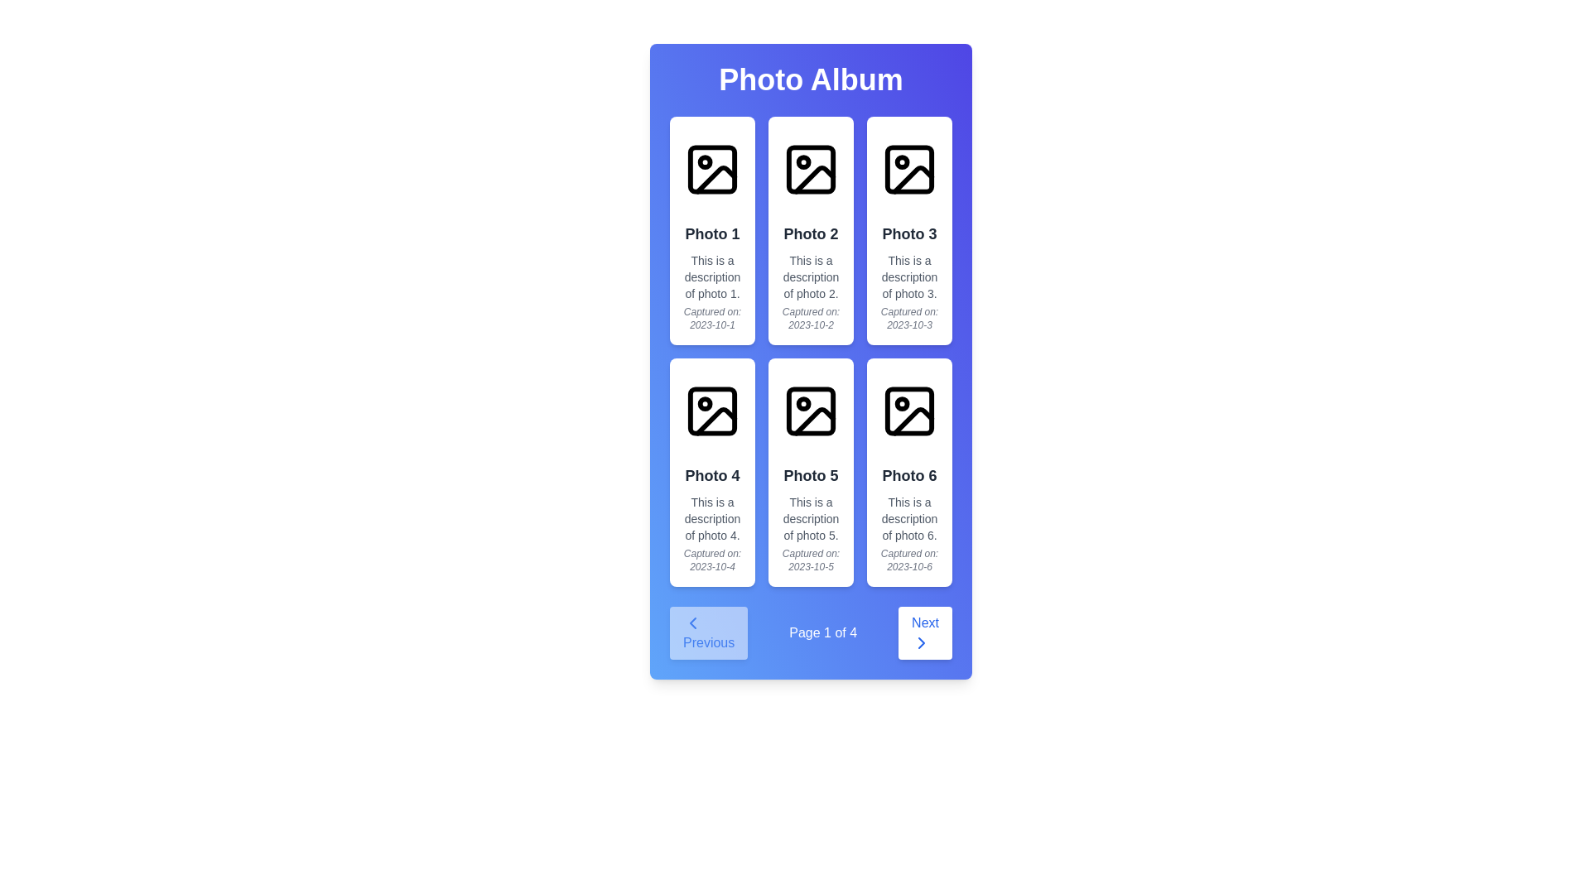 The width and height of the screenshot is (1590, 894). I want to click on the pagination button located in the bottom-right corner of the page navigation area, so click(924, 632).